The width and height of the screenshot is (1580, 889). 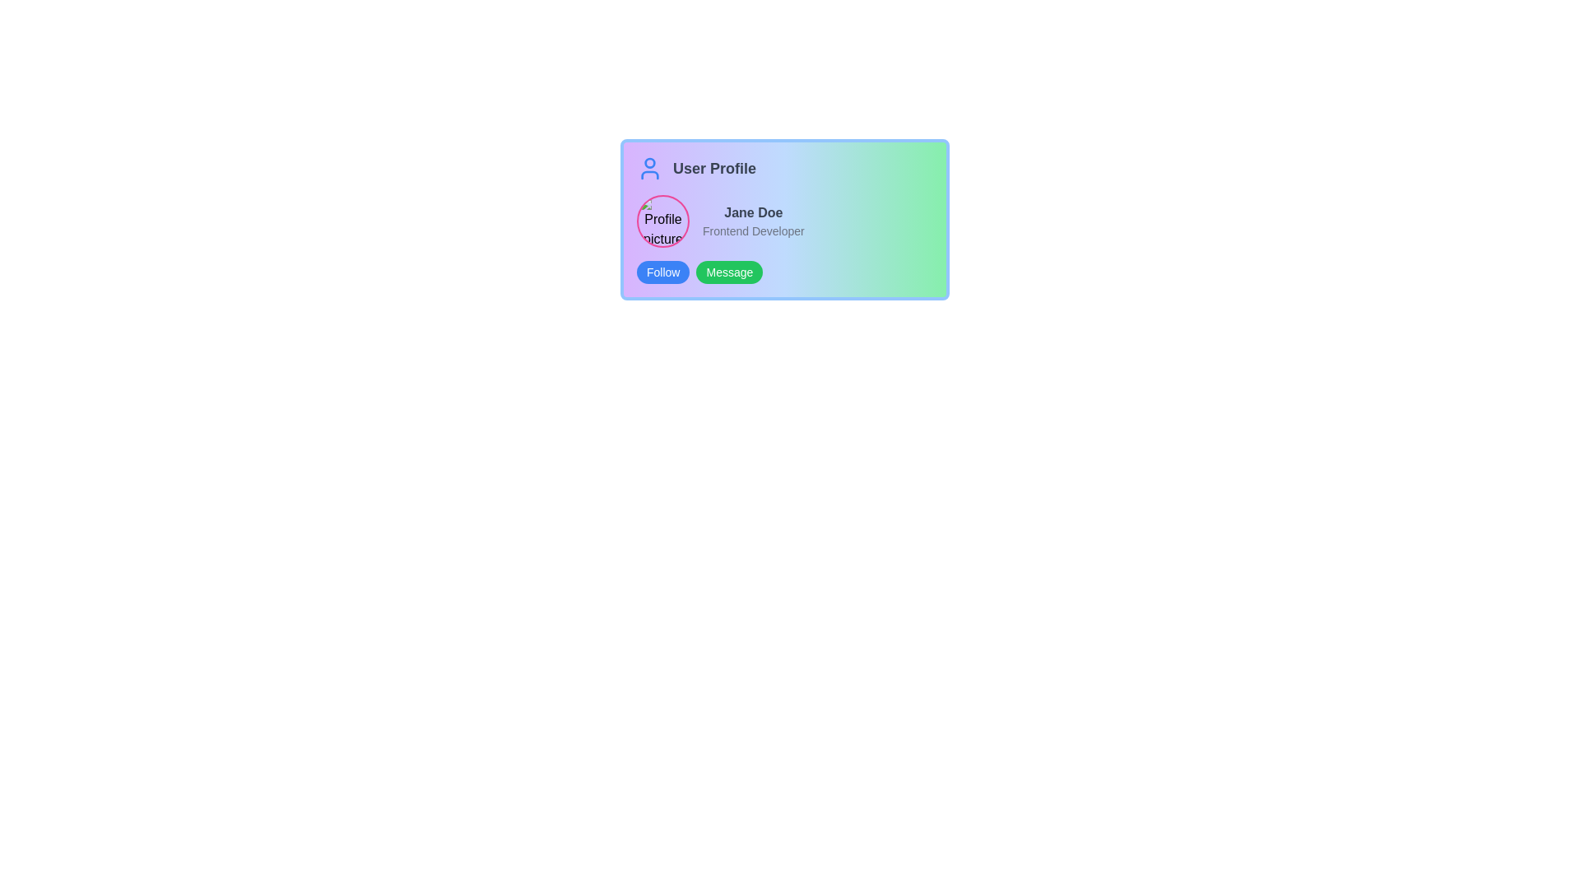 I want to click on the informational text displaying the user's name and job title, located in the center-right of the user profile card layout, below the header text labeled 'User Profile', so click(x=784, y=221).